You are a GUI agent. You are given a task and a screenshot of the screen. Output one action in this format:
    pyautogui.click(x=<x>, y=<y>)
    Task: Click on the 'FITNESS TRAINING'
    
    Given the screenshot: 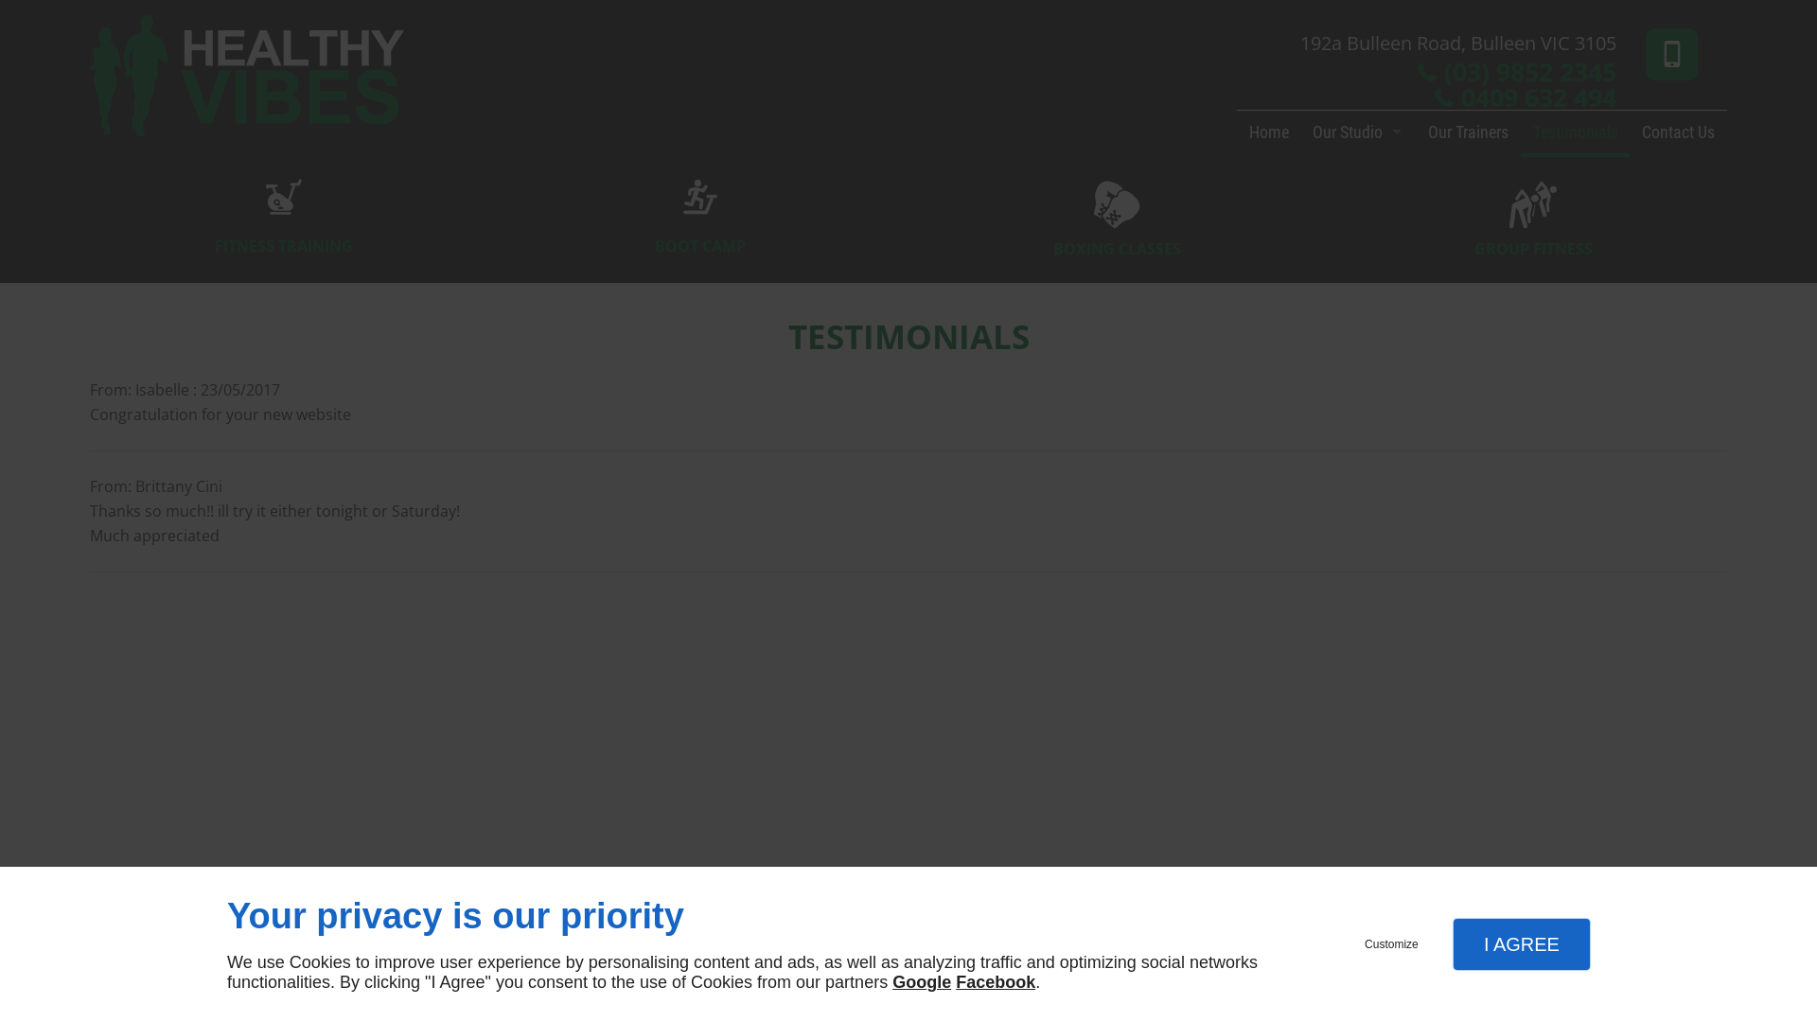 What is the action you would take?
    pyautogui.click(x=282, y=214)
    